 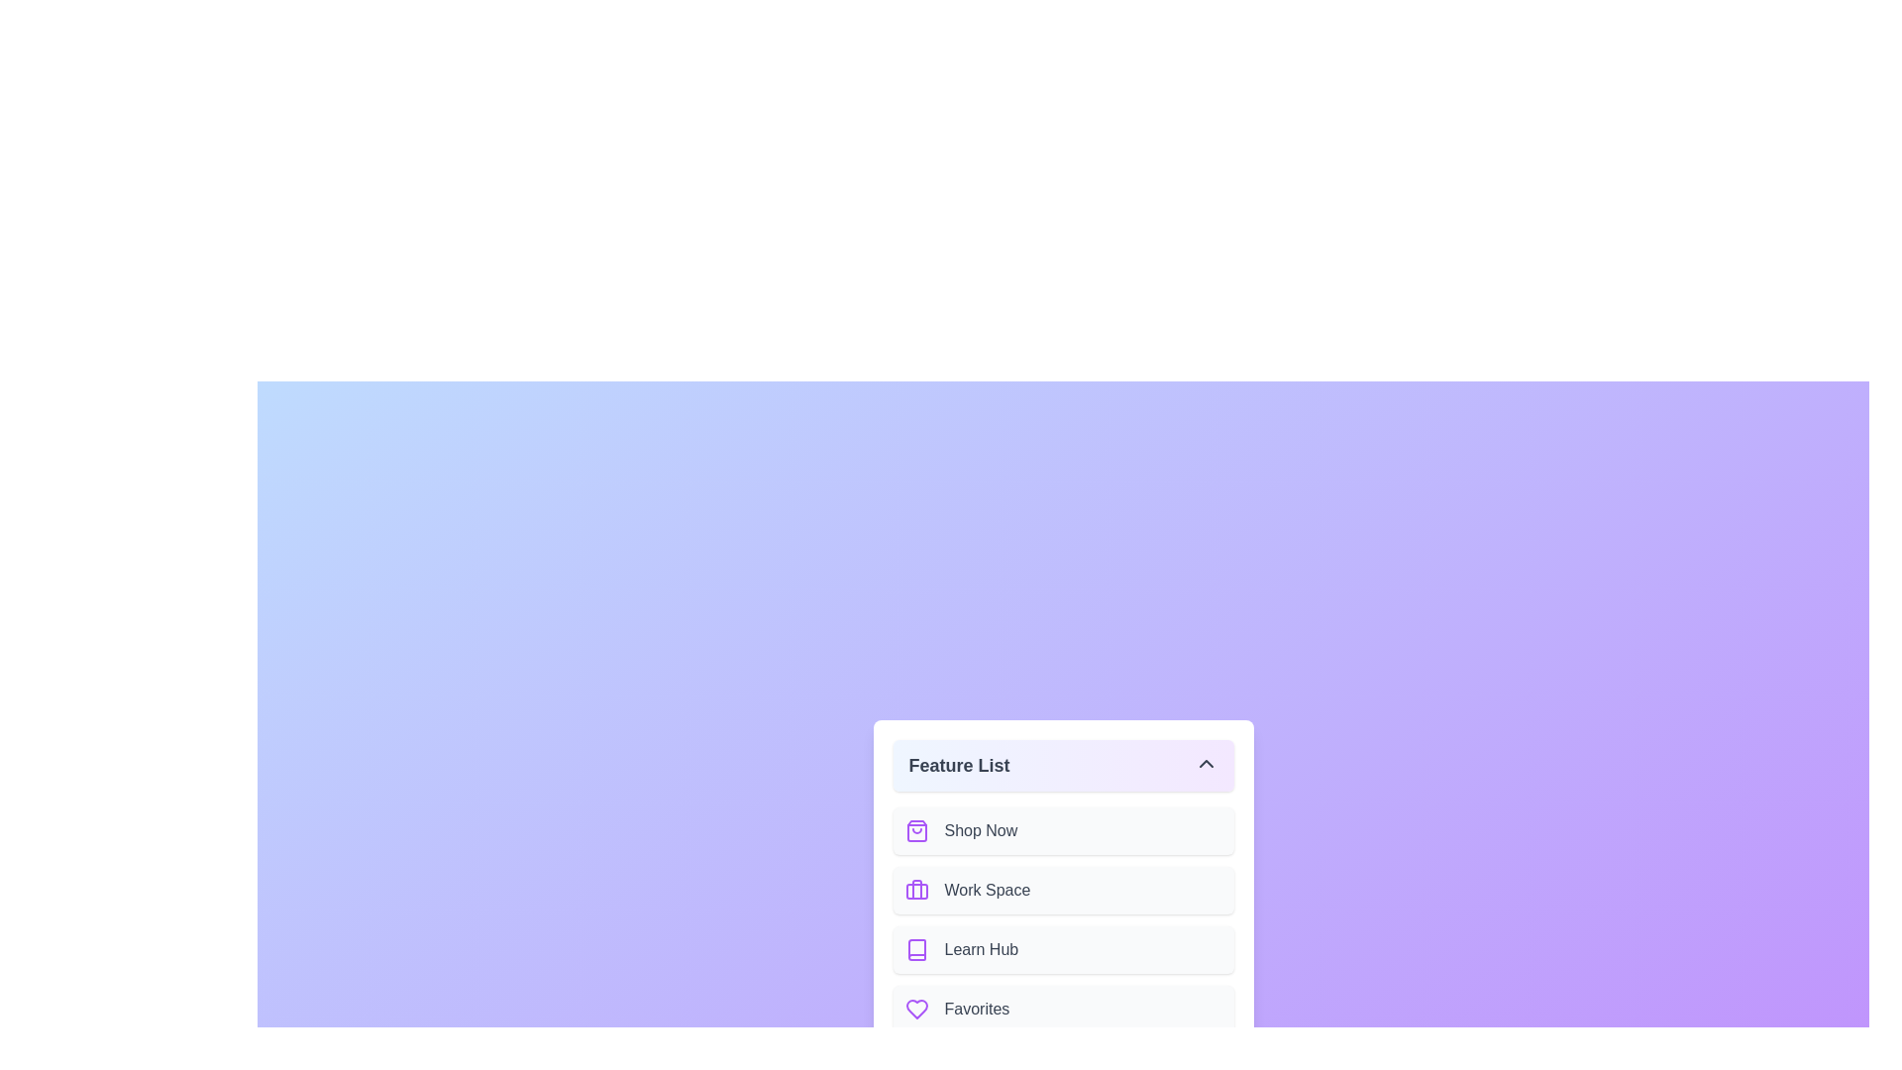 I want to click on the feature Work Space from the list, so click(x=1062, y=889).